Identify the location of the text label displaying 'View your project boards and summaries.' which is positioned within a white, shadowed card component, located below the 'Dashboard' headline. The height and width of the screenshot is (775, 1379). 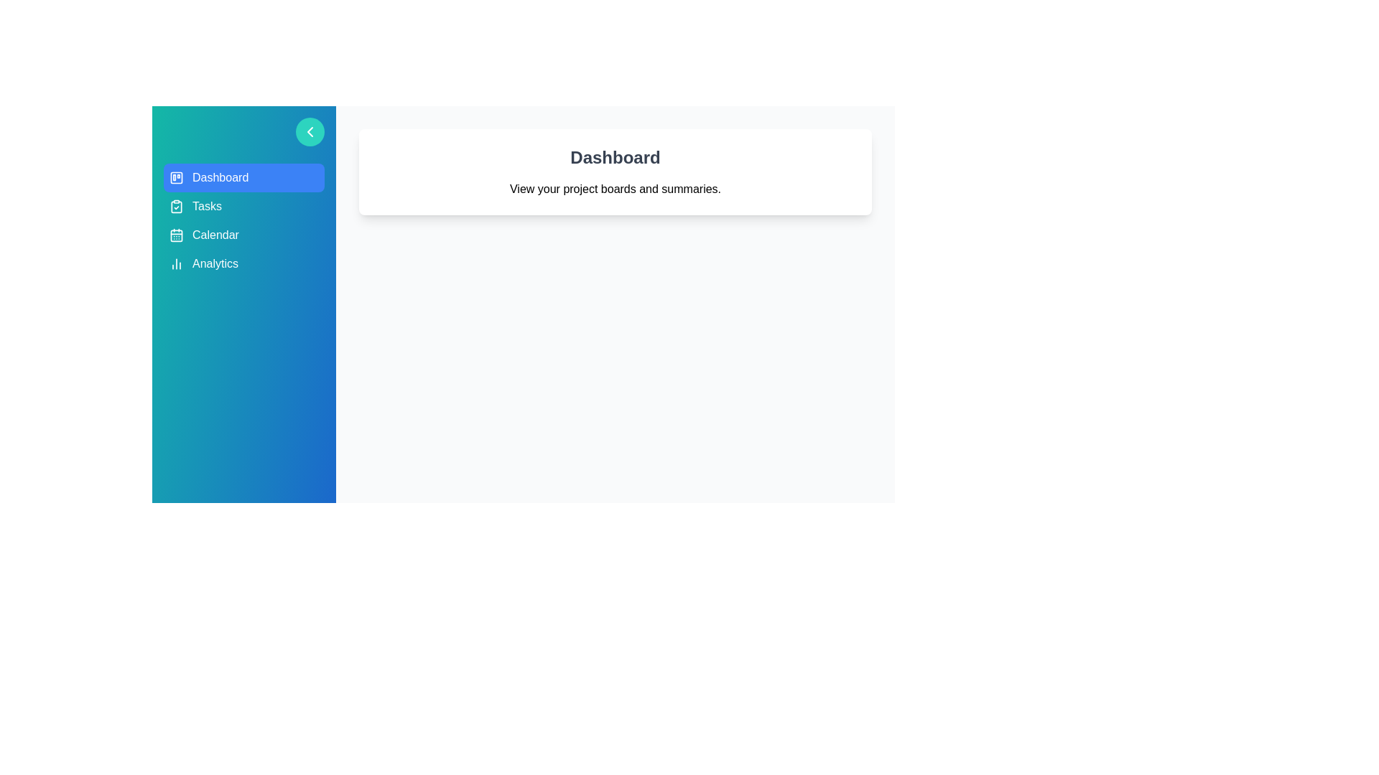
(616, 188).